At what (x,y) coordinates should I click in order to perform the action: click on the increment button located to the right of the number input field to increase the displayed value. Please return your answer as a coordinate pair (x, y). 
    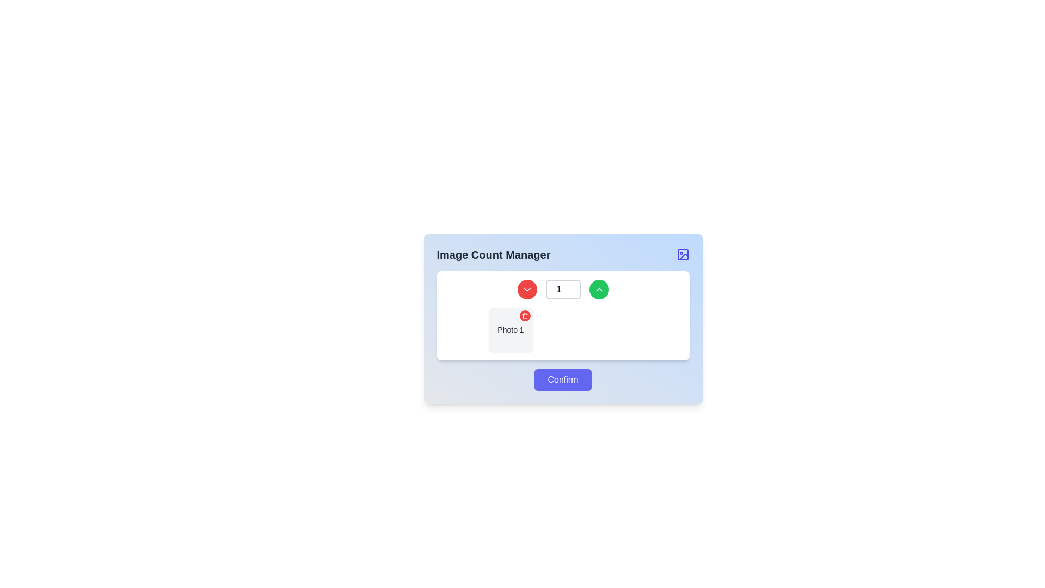
    Looking at the image, I should click on (598, 289).